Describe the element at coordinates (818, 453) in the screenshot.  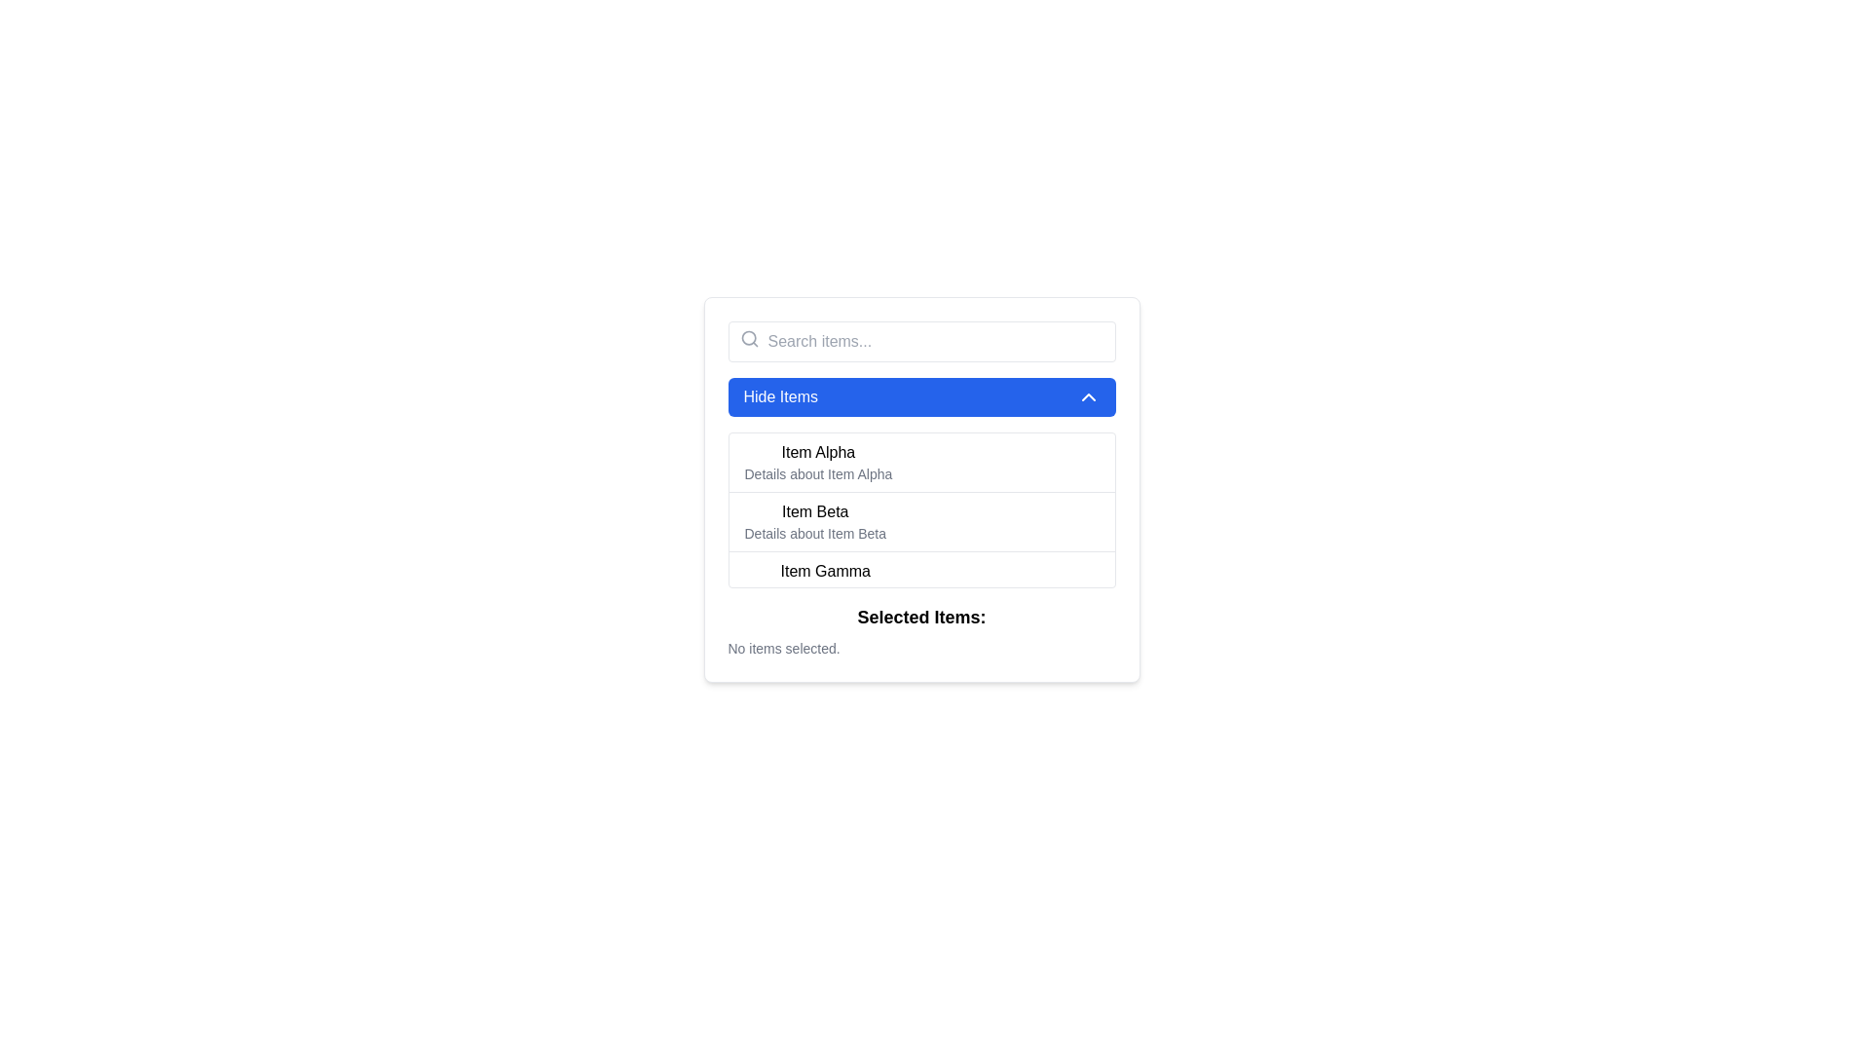
I see `the label heading for the item in the list, which serves as a clear identifier above the 'Details about Item Alpha' text and below the 'Hide Items' button` at that location.